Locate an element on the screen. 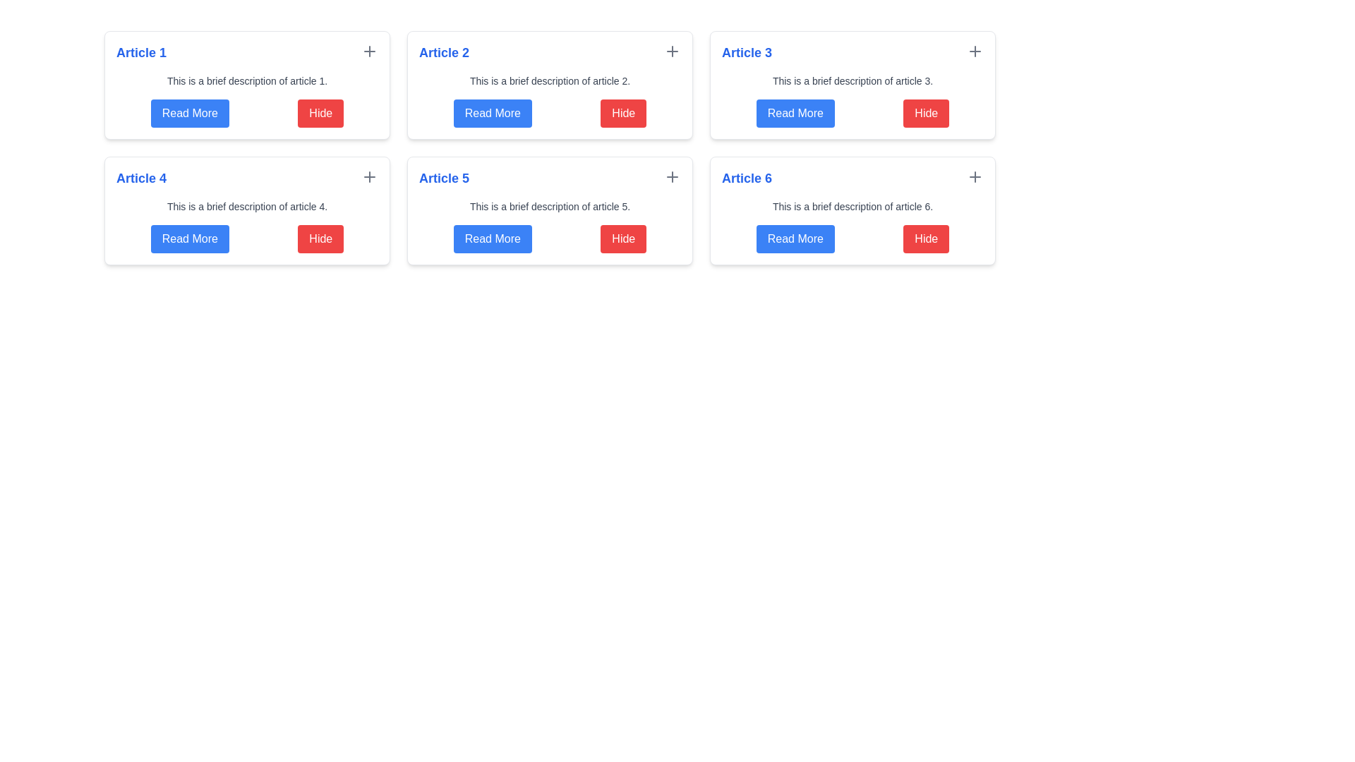  the summary text of Article 1, which is positioned below the title 'Article 1' and above the buttons labeled 'Read More' and 'Hide' is located at coordinates (247, 81).